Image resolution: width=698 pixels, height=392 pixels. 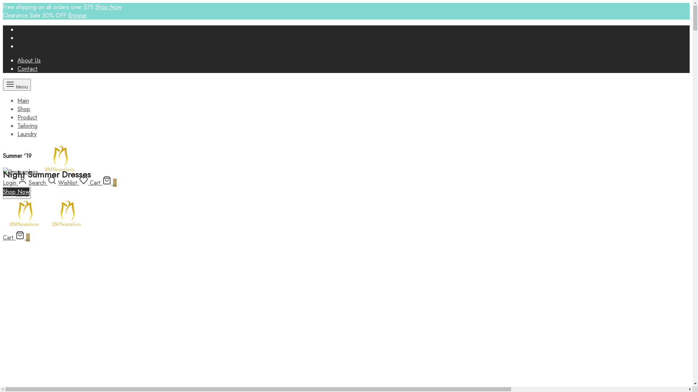 What do you see at coordinates (17, 109) in the screenshot?
I see `'Shop'` at bounding box center [17, 109].